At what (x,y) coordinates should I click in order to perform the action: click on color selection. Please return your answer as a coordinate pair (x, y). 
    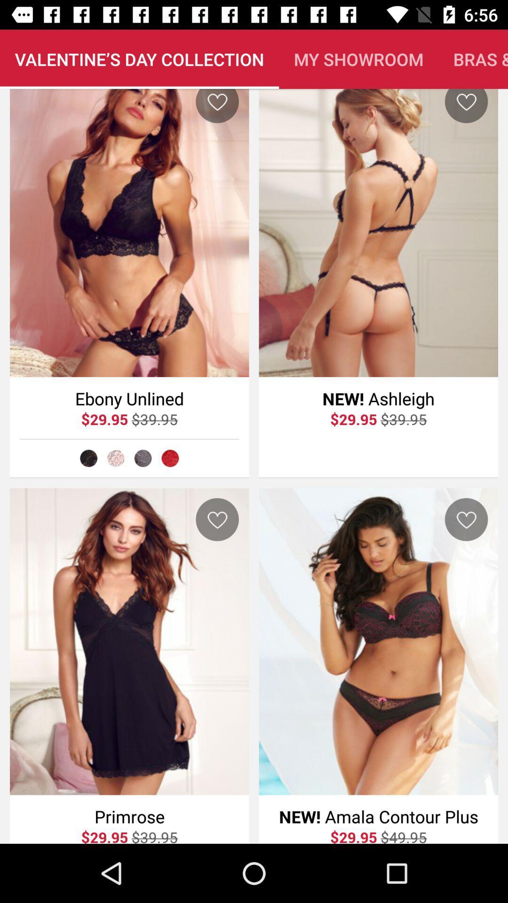
    Looking at the image, I should click on (143, 458).